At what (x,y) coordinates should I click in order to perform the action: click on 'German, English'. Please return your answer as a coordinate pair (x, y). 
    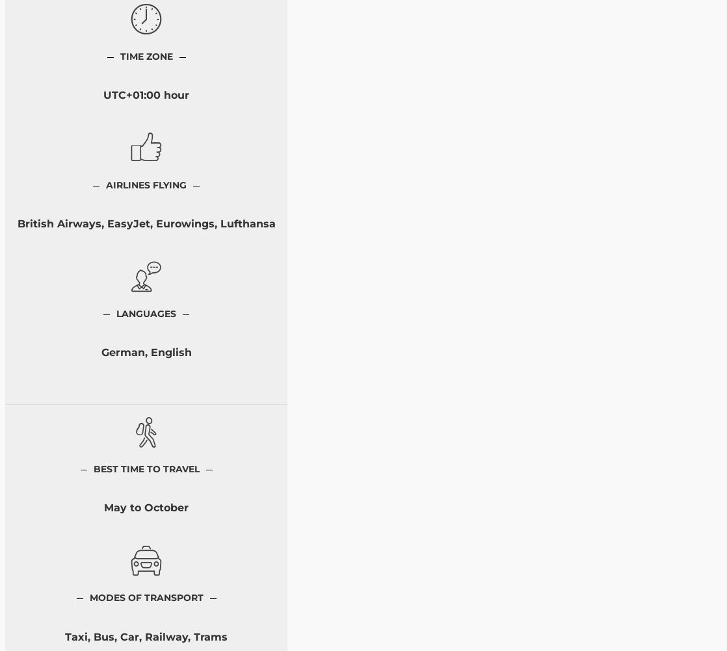
    Looking at the image, I should click on (146, 352).